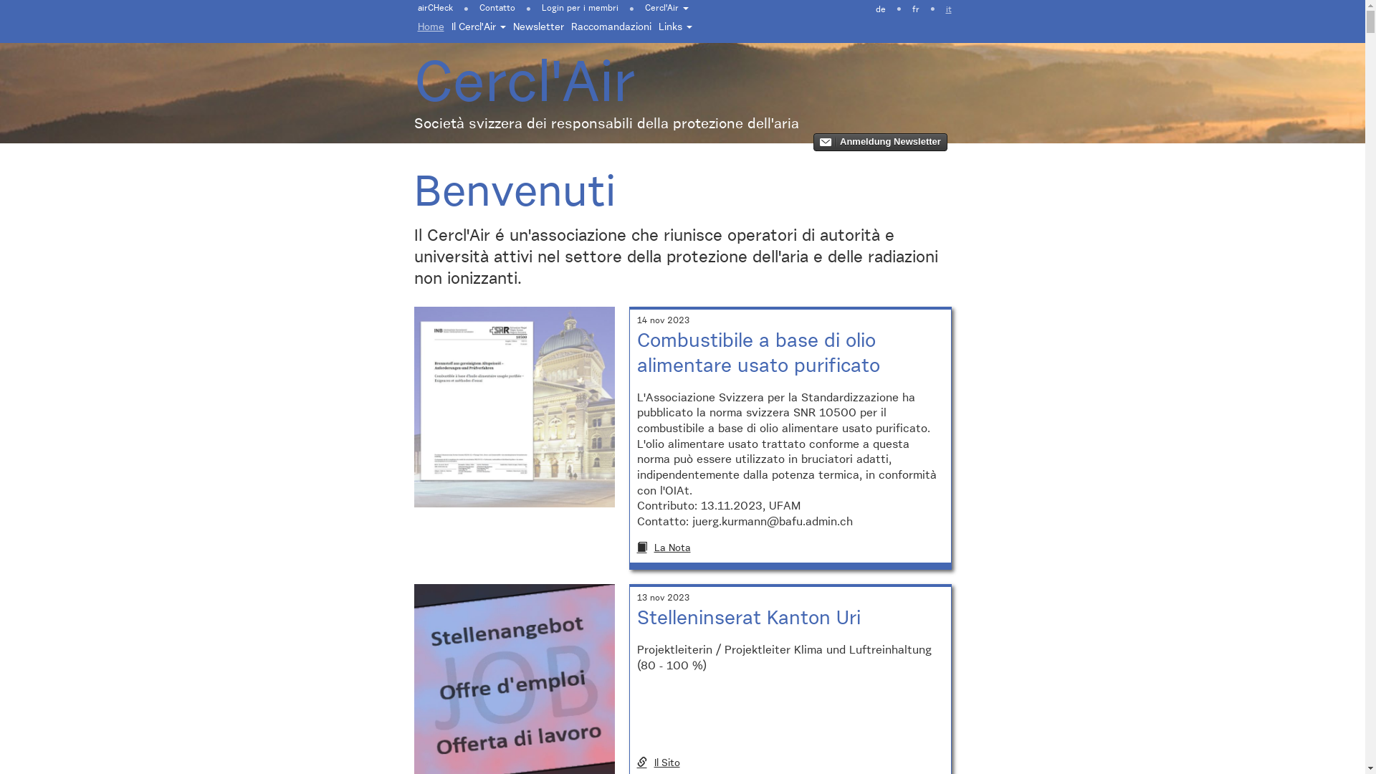  What do you see at coordinates (948, 9) in the screenshot?
I see `'it'` at bounding box center [948, 9].